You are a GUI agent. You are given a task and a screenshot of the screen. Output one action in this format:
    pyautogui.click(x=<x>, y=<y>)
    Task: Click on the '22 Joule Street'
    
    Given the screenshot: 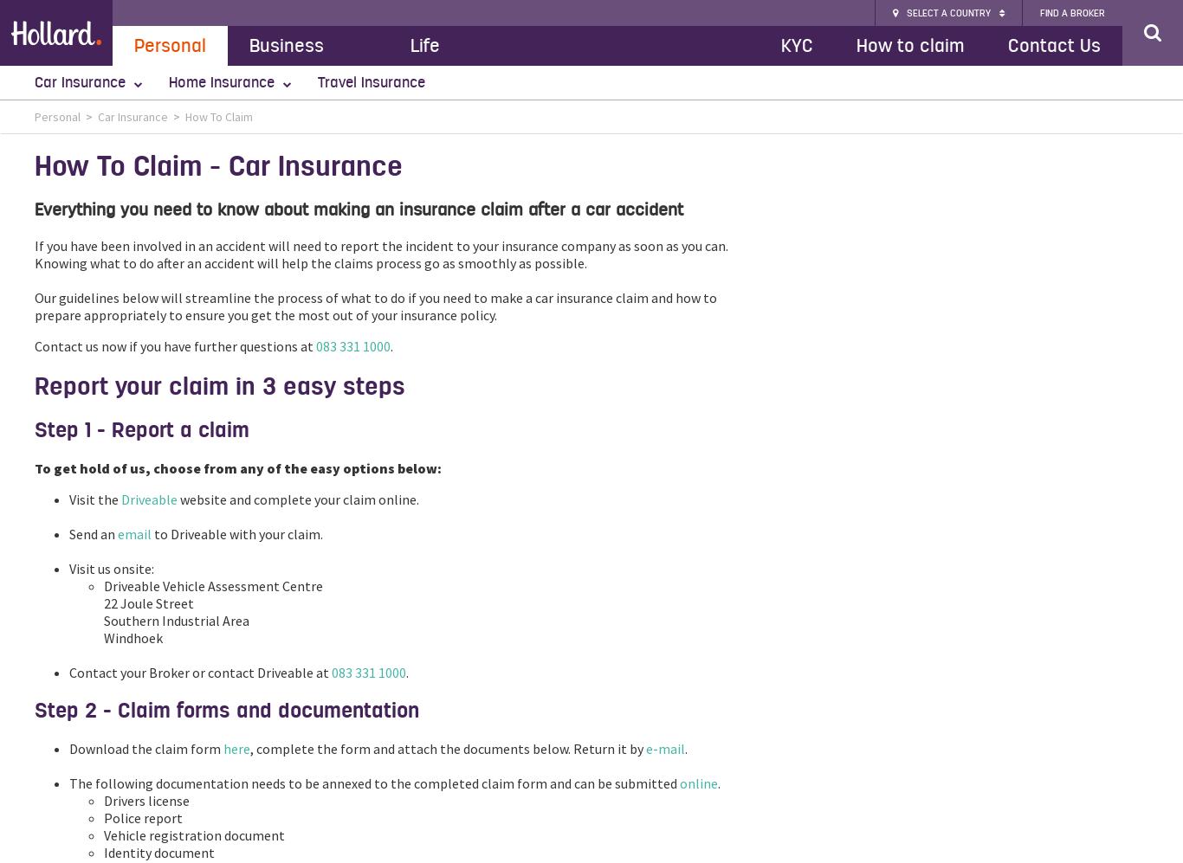 What is the action you would take?
    pyautogui.click(x=147, y=602)
    